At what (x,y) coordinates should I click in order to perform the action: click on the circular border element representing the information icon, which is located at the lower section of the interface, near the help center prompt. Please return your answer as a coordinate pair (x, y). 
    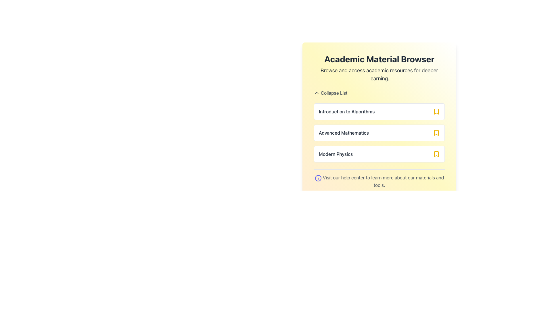
    Looking at the image, I should click on (318, 178).